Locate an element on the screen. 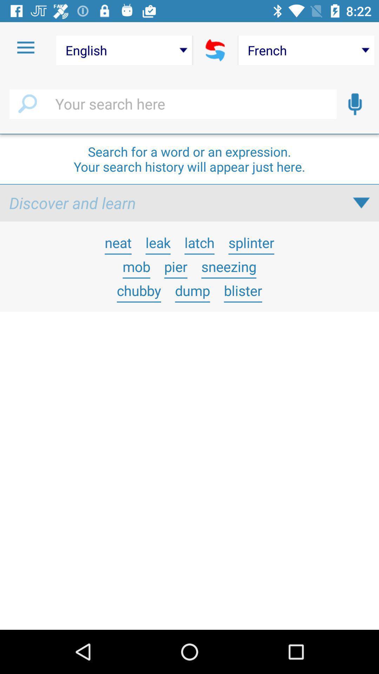  neat icon is located at coordinates (118, 243).